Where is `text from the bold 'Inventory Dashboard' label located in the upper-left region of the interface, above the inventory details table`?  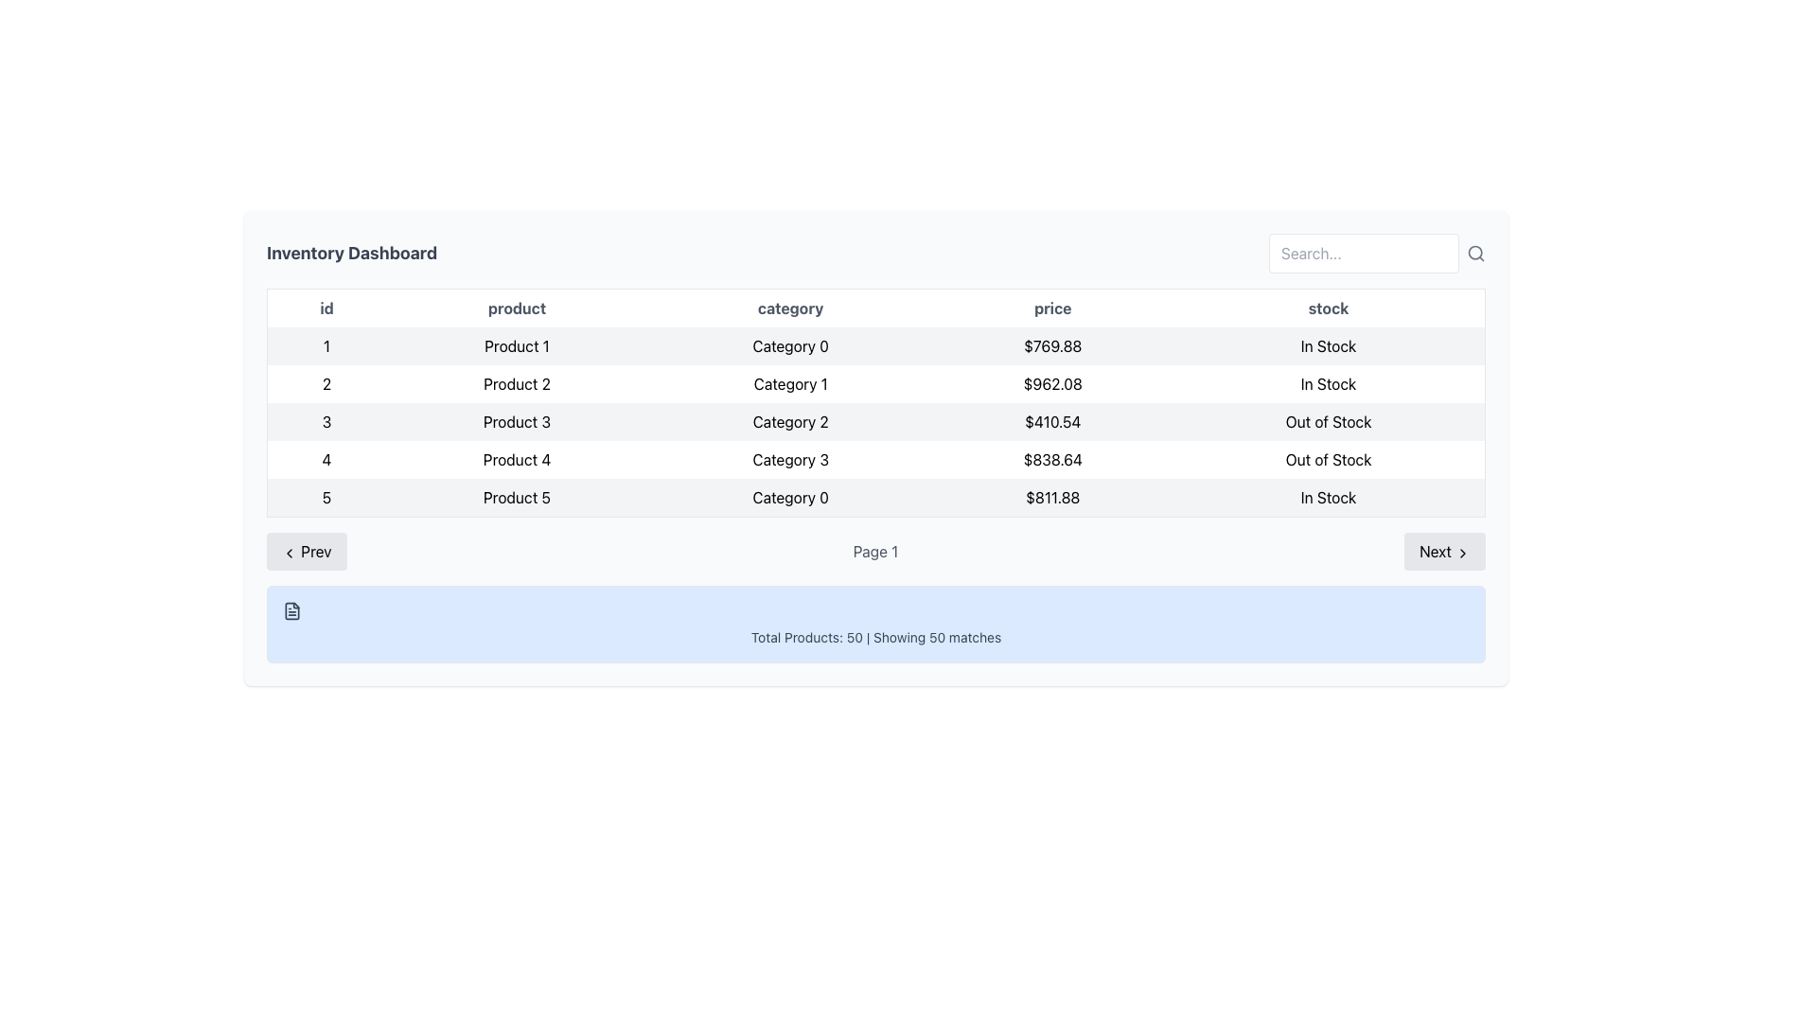
text from the bold 'Inventory Dashboard' label located in the upper-left region of the interface, above the inventory details table is located at coordinates (352, 252).